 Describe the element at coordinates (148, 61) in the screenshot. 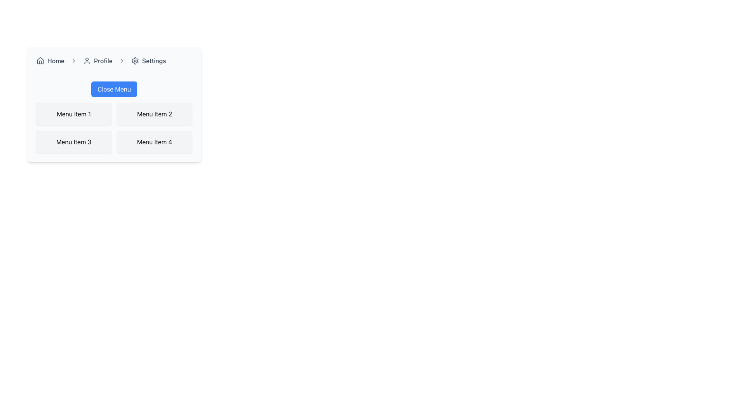

I see `the third interactive link in the breadcrumb navigation sequence to trigger a style change` at that location.